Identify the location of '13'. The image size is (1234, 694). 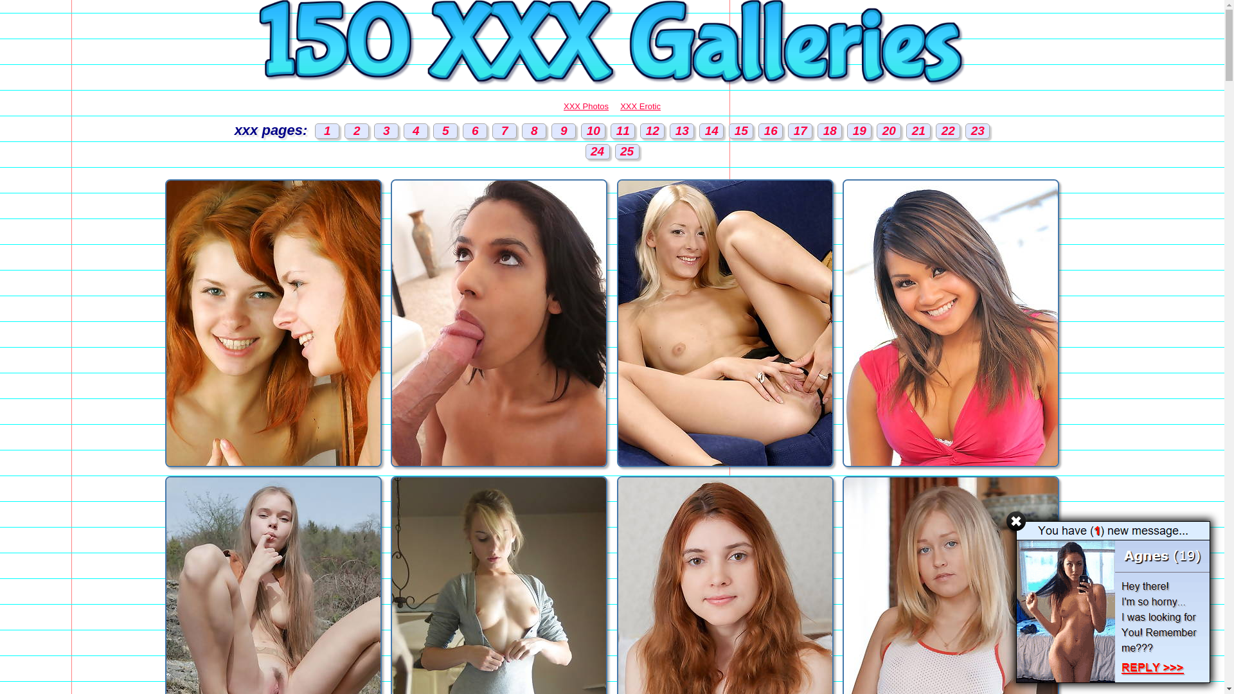
(681, 131).